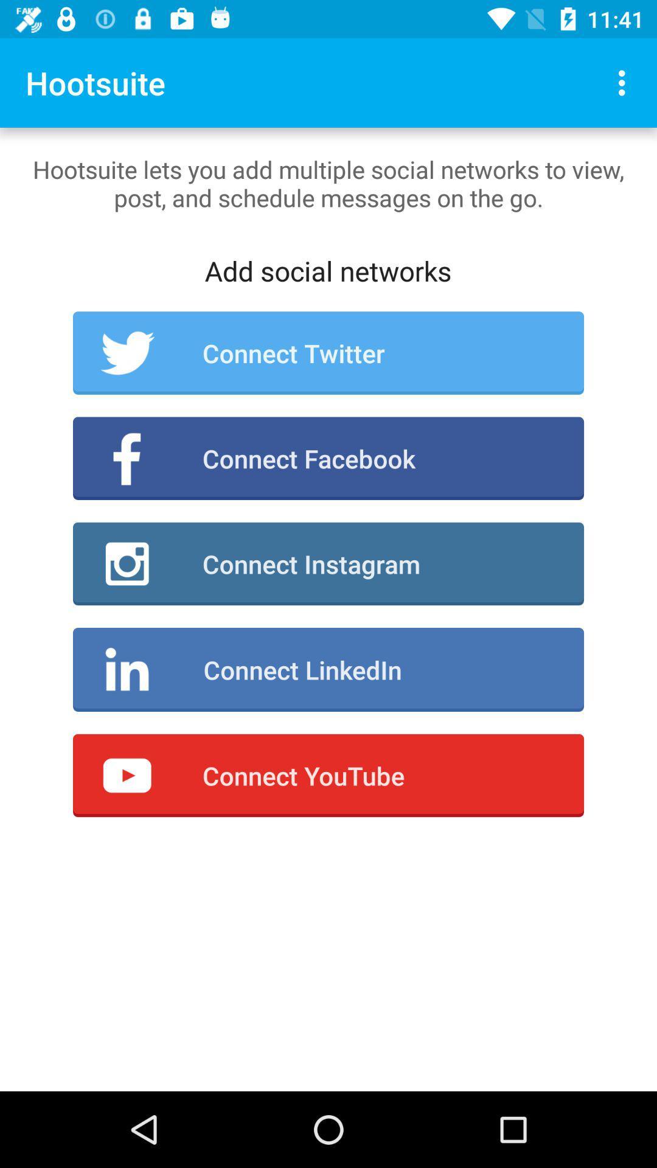 The width and height of the screenshot is (657, 1168). I want to click on icon next to hootsuite icon, so click(625, 82).